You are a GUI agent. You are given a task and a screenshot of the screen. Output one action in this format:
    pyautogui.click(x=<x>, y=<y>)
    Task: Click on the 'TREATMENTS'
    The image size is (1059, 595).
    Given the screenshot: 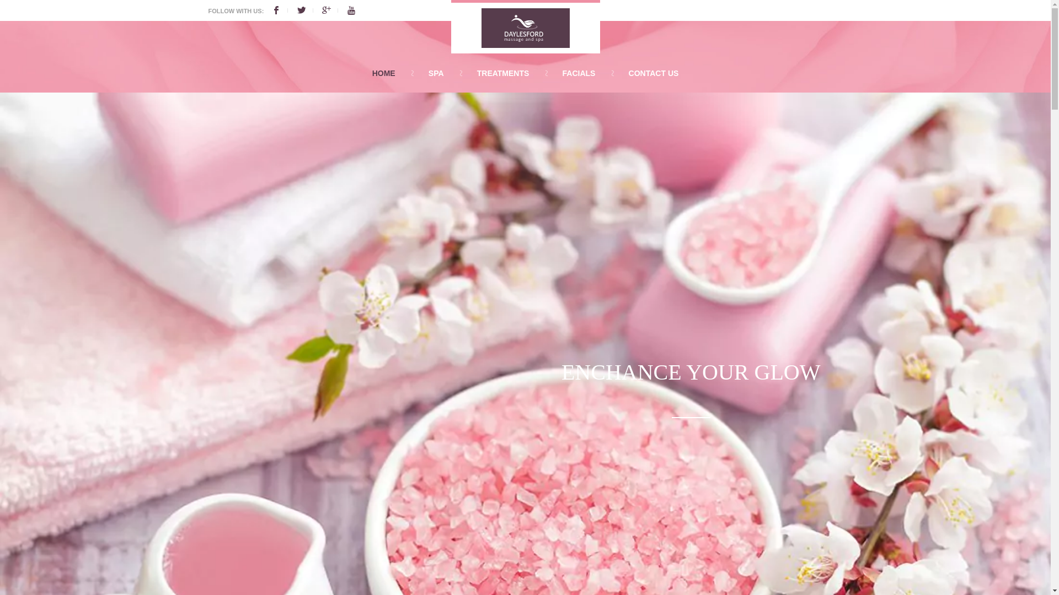 What is the action you would take?
    pyautogui.click(x=502, y=73)
    